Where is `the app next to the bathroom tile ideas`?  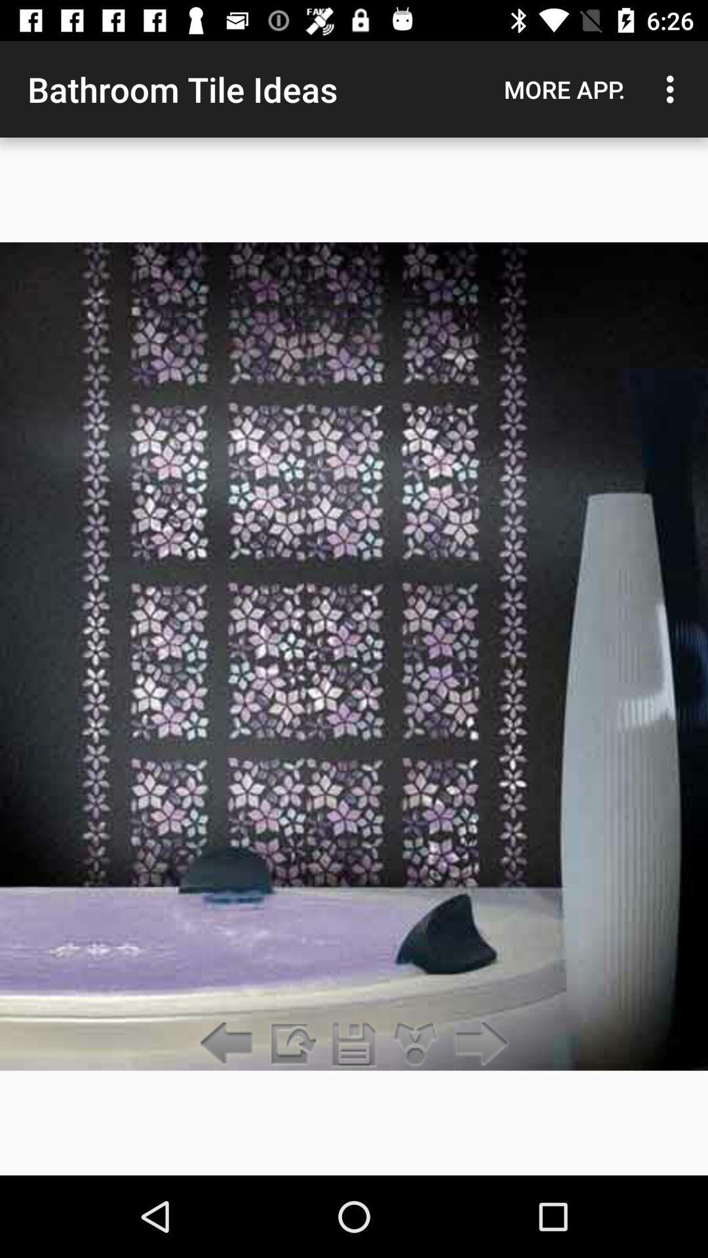 the app next to the bathroom tile ideas is located at coordinates (564, 88).